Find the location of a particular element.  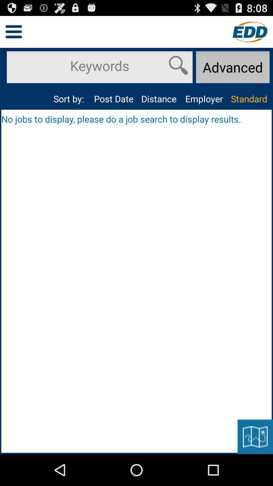

the app to the right of the distance app is located at coordinates (203, 99).